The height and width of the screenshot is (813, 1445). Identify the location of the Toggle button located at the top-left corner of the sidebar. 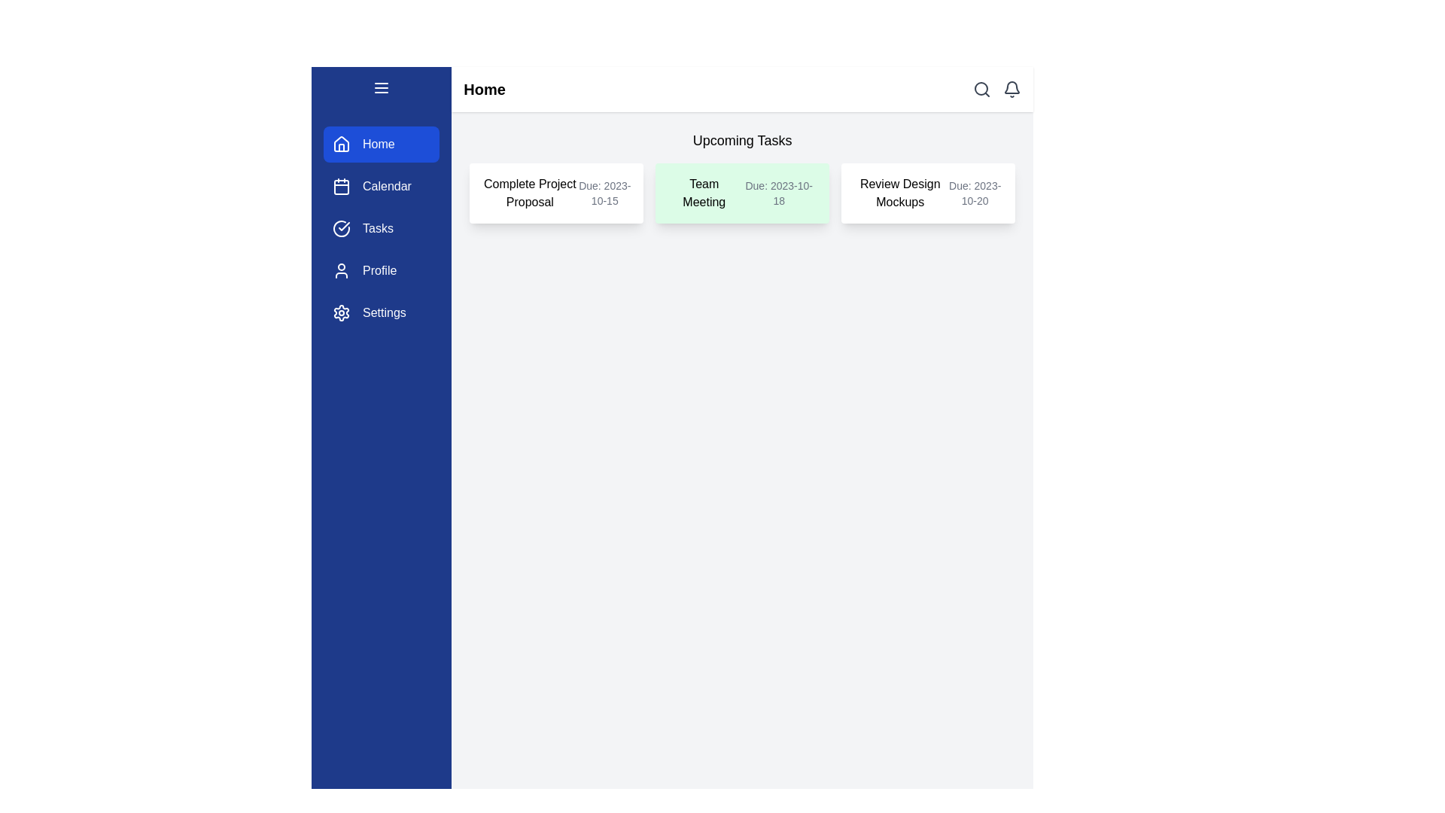
(382, 87).